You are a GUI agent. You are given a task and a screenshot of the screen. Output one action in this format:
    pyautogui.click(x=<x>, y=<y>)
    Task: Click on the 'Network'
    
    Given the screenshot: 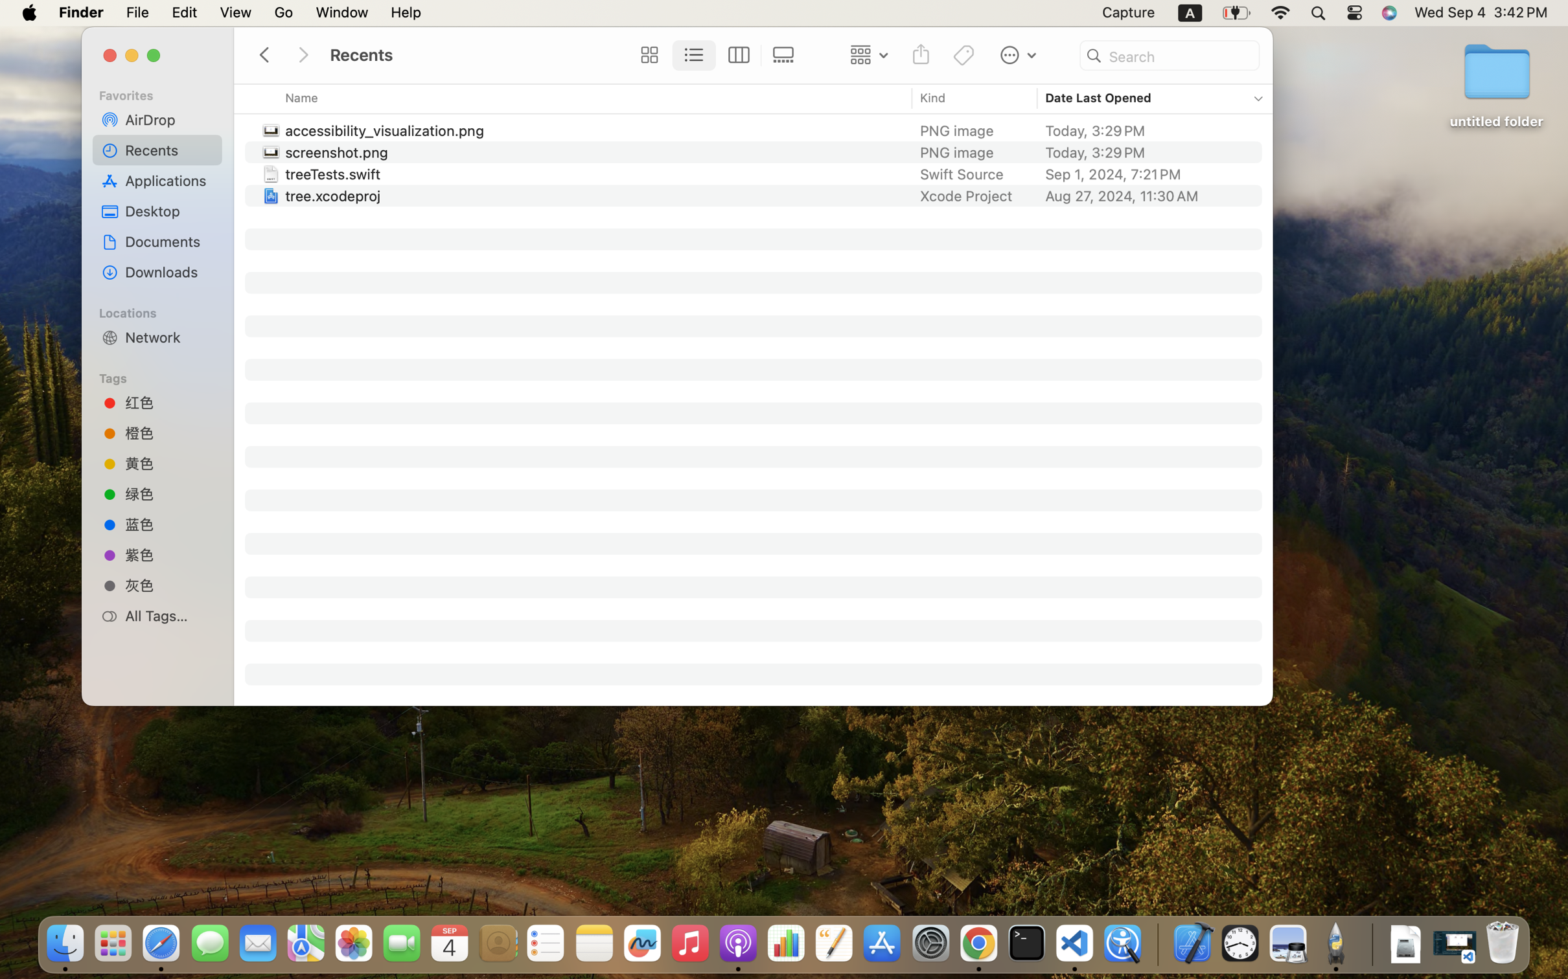 What is the action you would take?
    pyautogui.click(x=168, y=336)
    